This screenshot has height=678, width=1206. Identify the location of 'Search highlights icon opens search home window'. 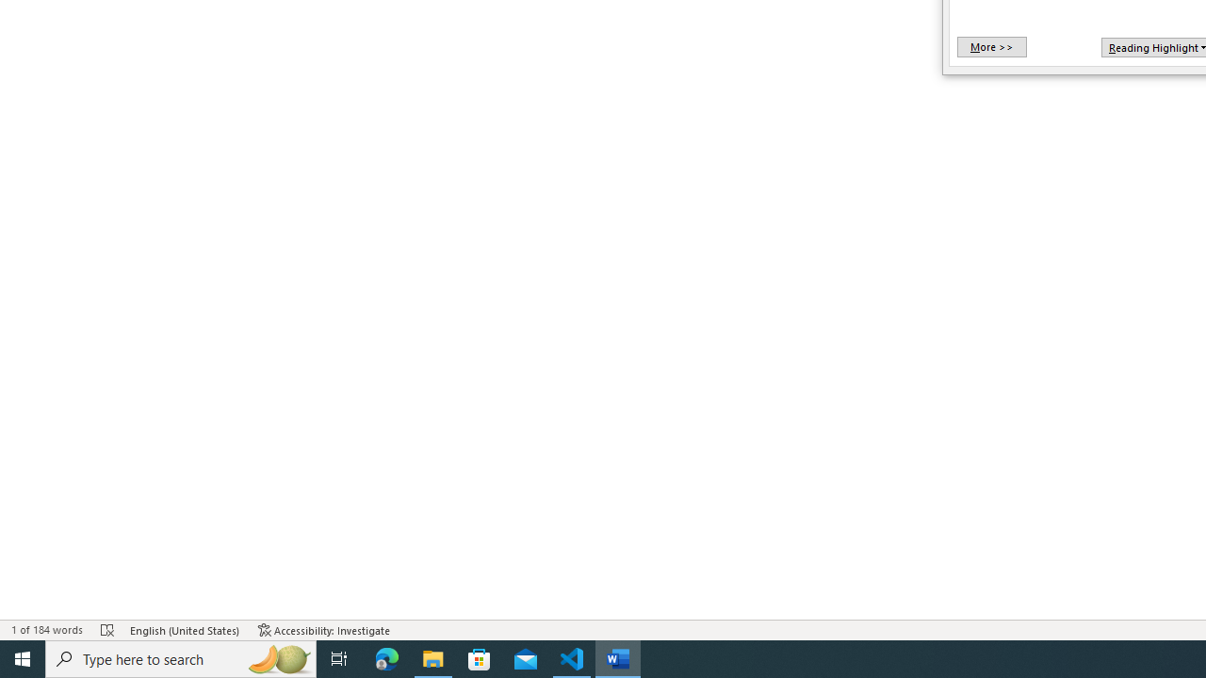
(277, 657).